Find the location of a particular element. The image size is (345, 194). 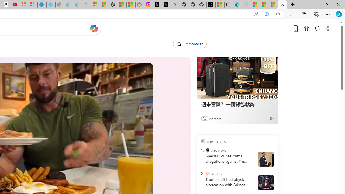

'Open Copilot' is located at coordinates (94, 28).